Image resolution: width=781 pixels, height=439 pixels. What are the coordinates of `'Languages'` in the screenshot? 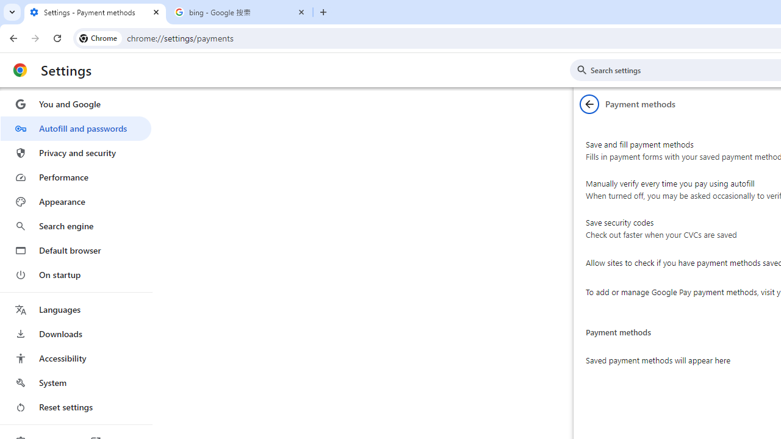 It's located at (75, 309).